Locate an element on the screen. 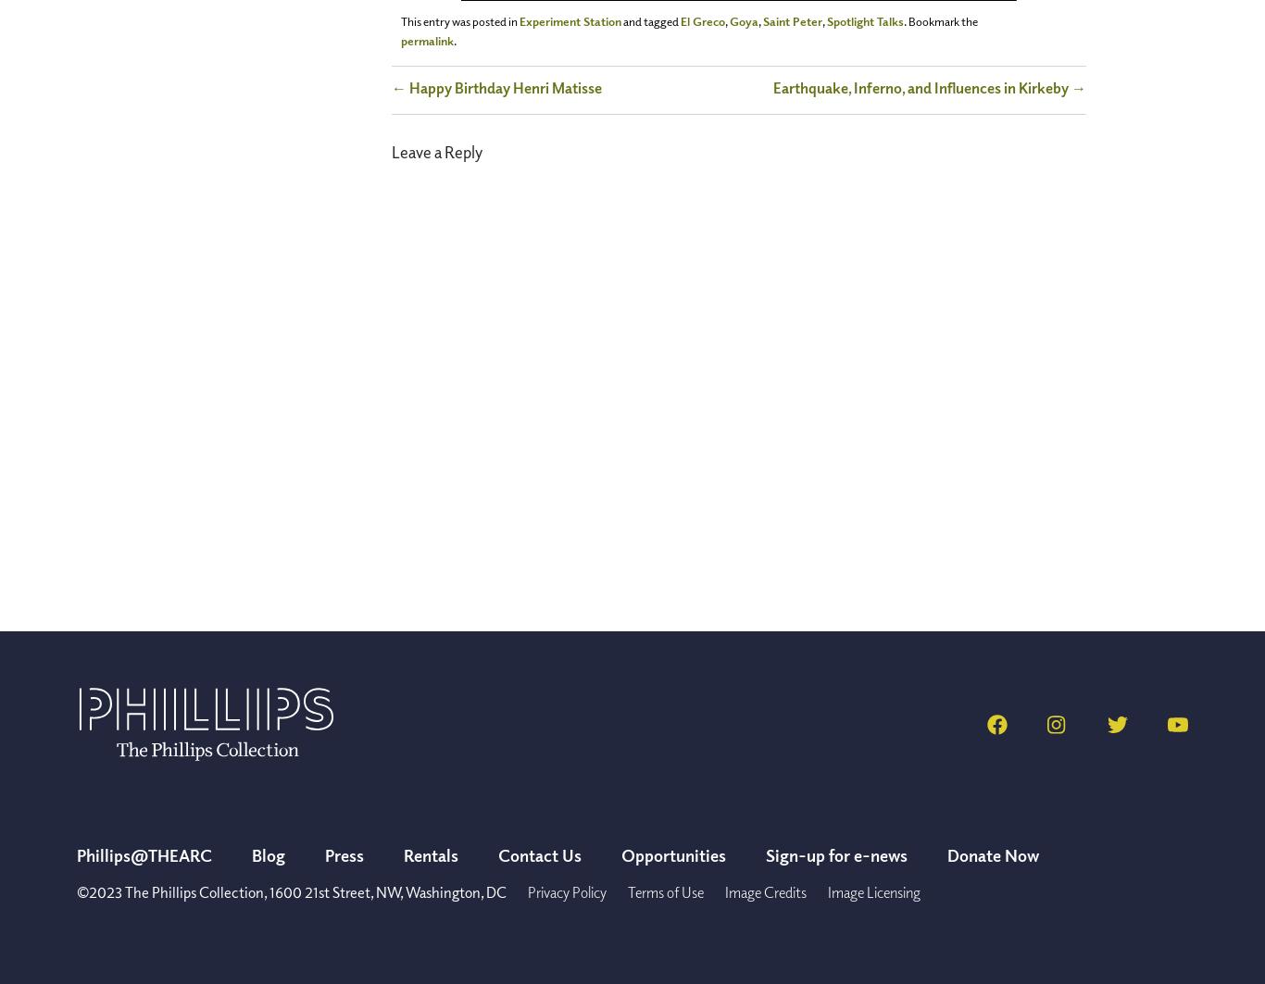  'Contact Us' is located at coordinates (498, 853).